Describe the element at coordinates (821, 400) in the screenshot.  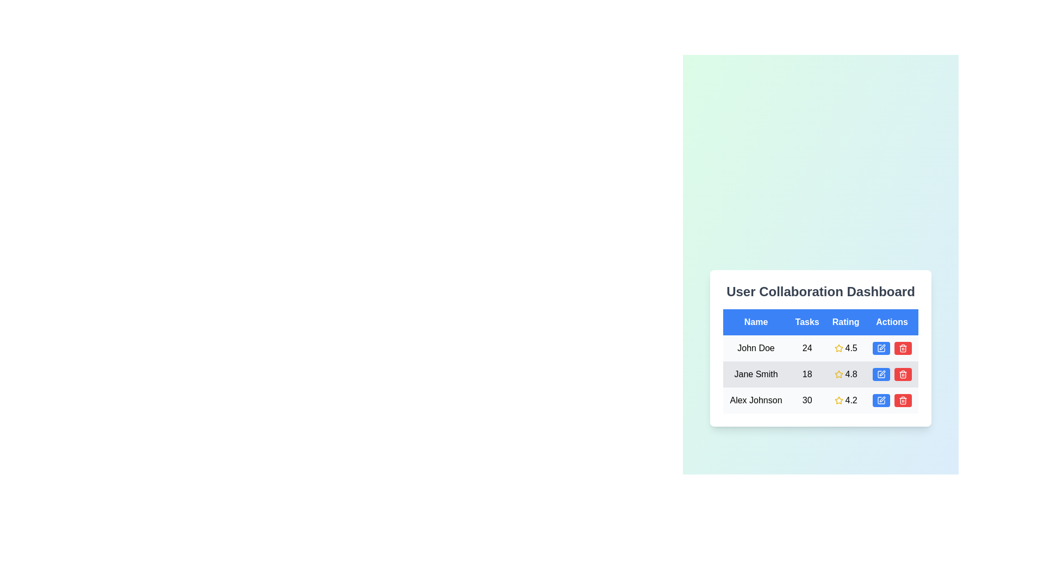
I see `the third row in the user data table, which displays user details and includes buttons for editing and deleting records` at that location.